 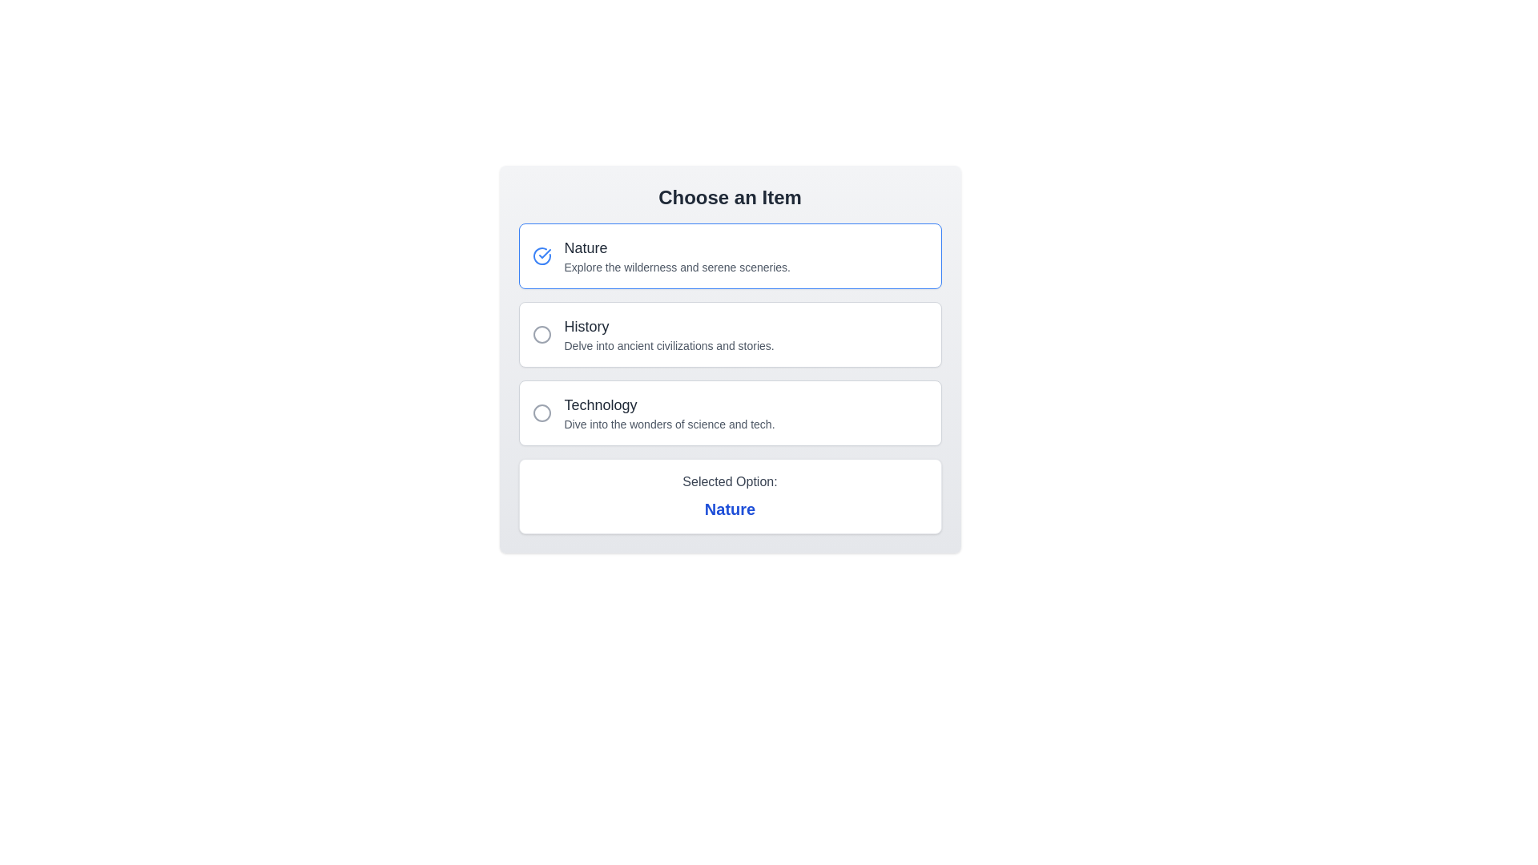 I want to click on the 'History' button, which is the second item in a vertically aligned list of options, to emphasize it, so click(x=669, y=333).